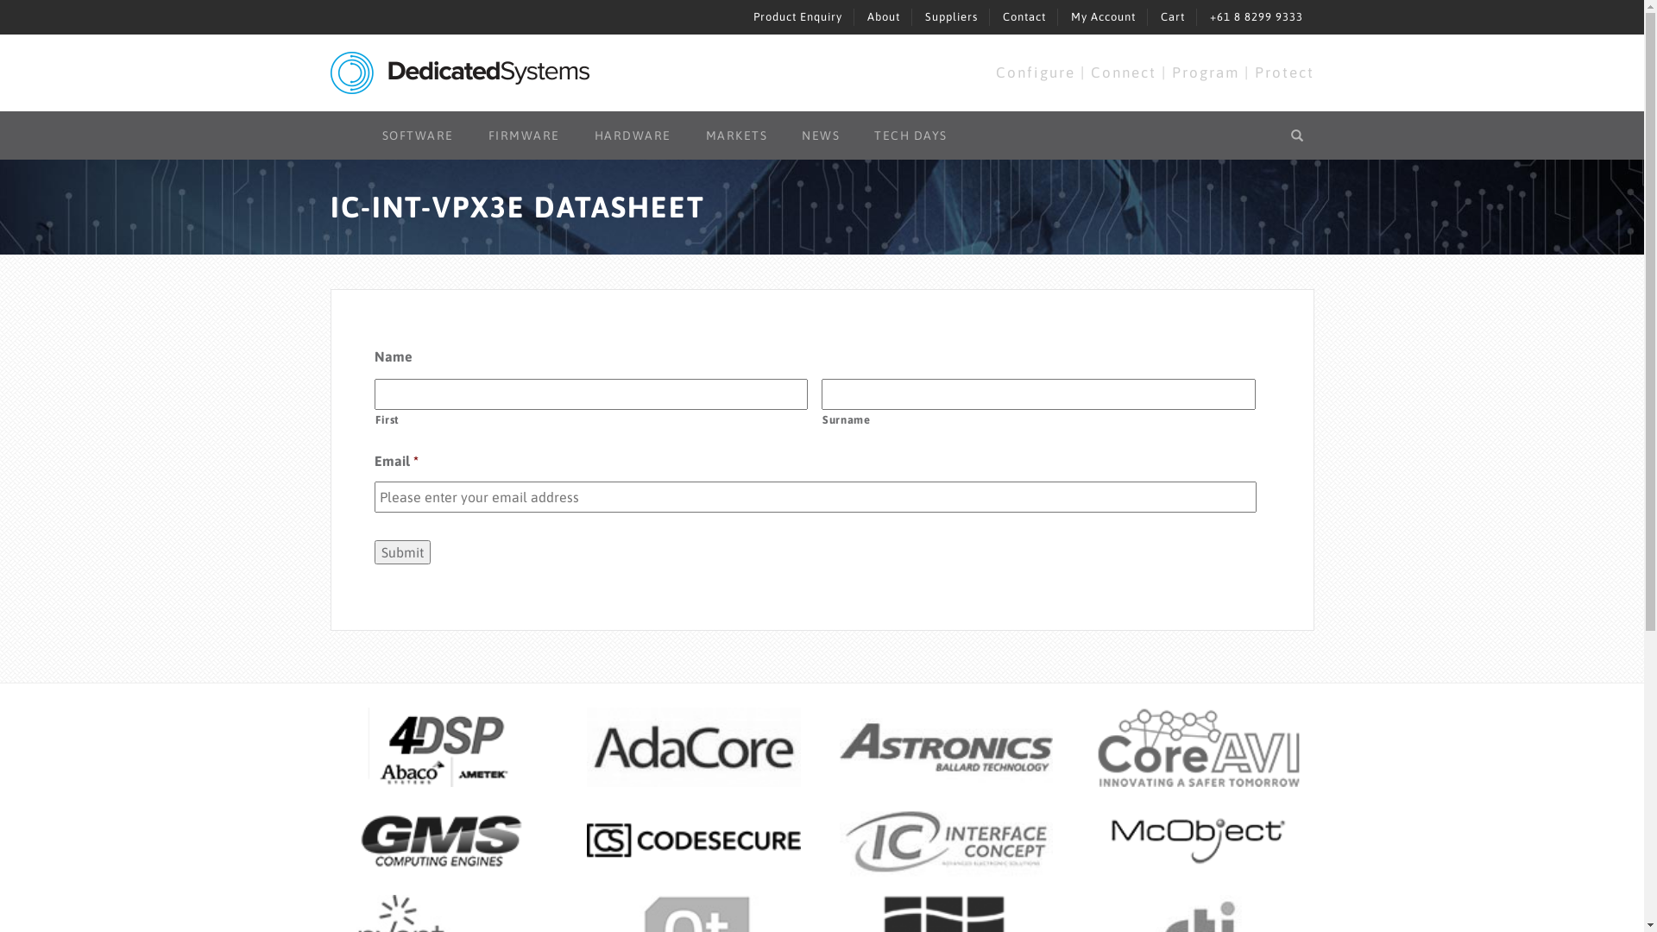 The image size is (1657, 932). Describe the element at coordinates (1101, 16) in the screenshot. I see `'My Account'` at that location.